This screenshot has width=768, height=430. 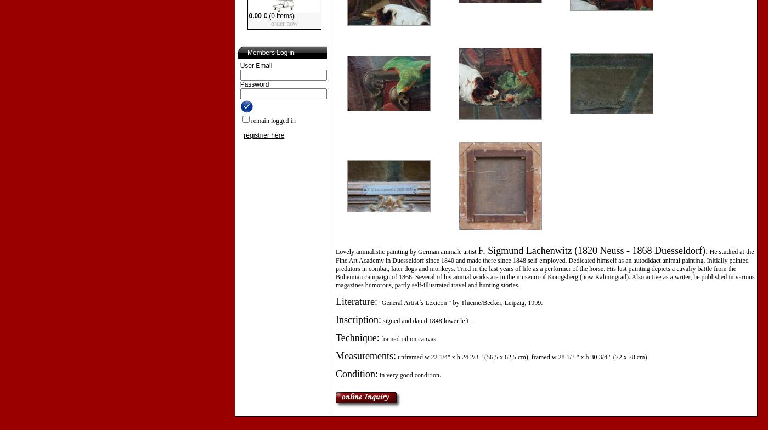 What do you see at coordinates (273, 120) in the screenshot?
I see `'remain logged in'` at bounding box center [273, 120].